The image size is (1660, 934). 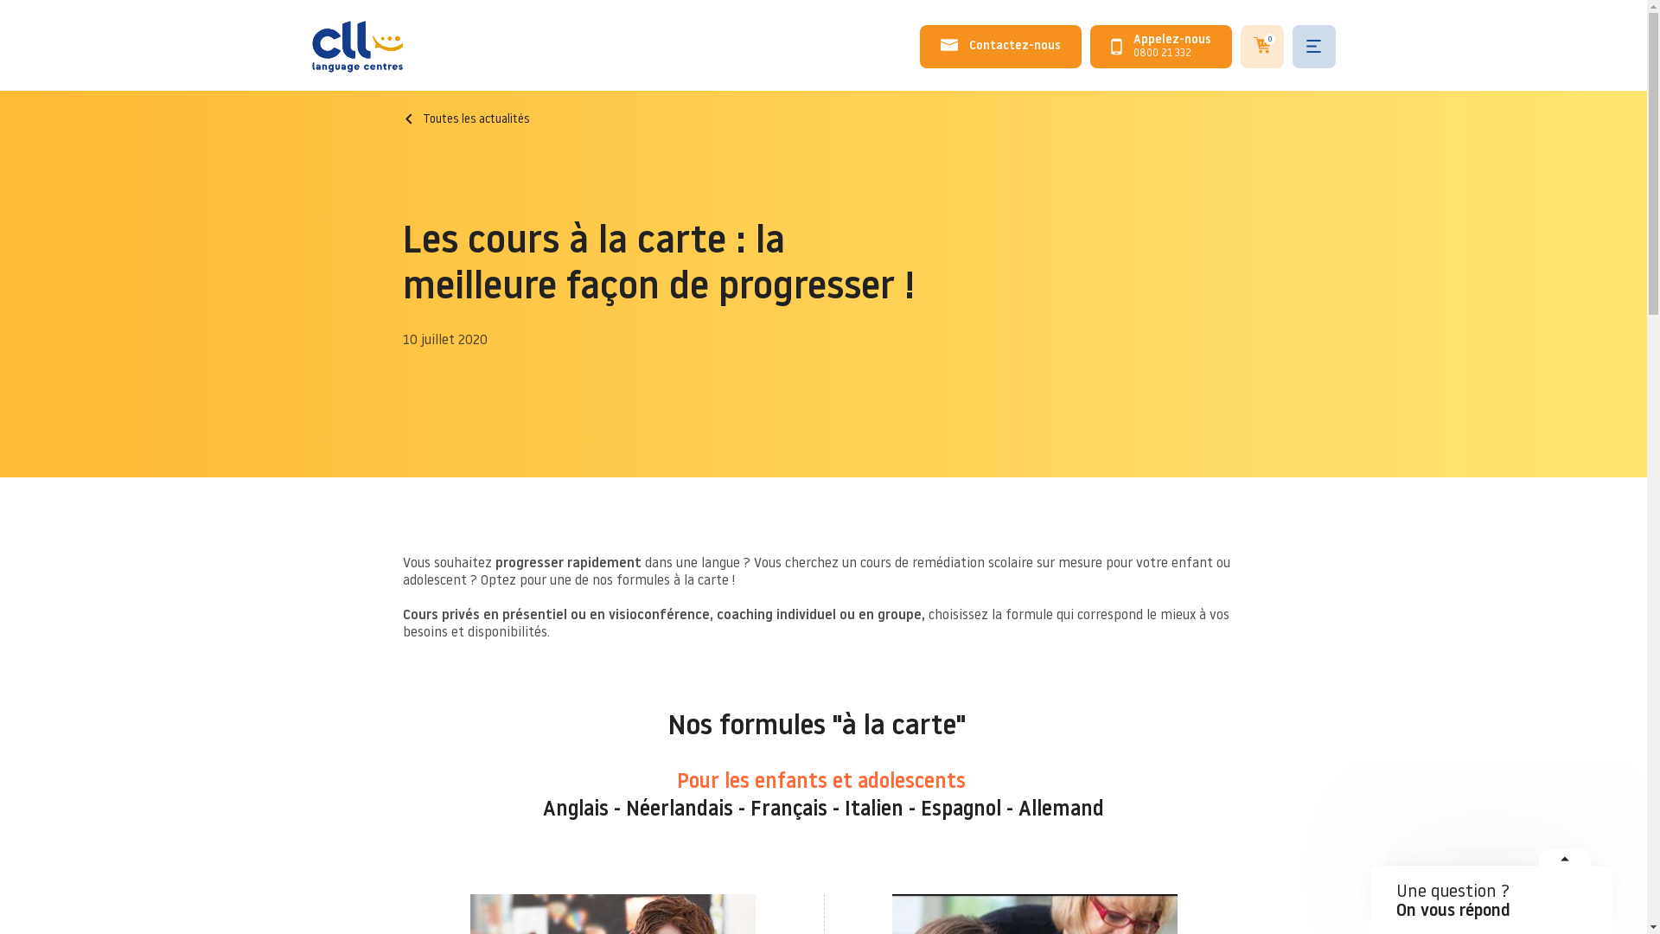 What do you see at coordinates (1161, 46) in the screenshot?
I see `'Appelez-nous` at bounding box center [1161, 46].